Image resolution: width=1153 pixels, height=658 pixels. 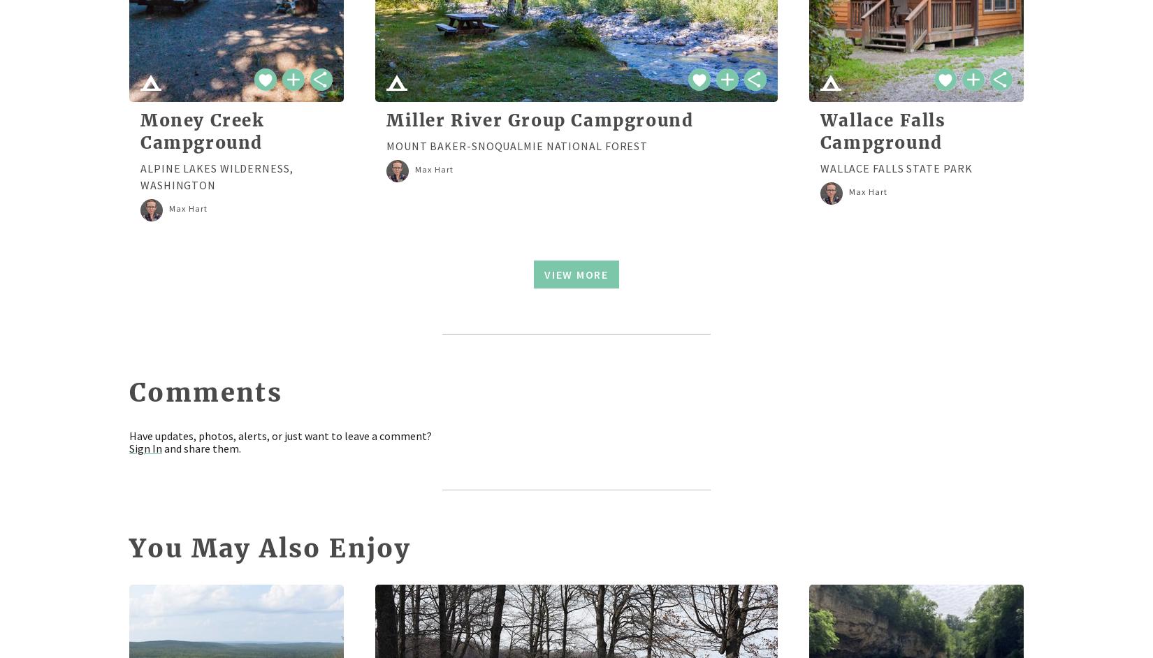 I want to click on 'Comments', so click(x=129, y=391).